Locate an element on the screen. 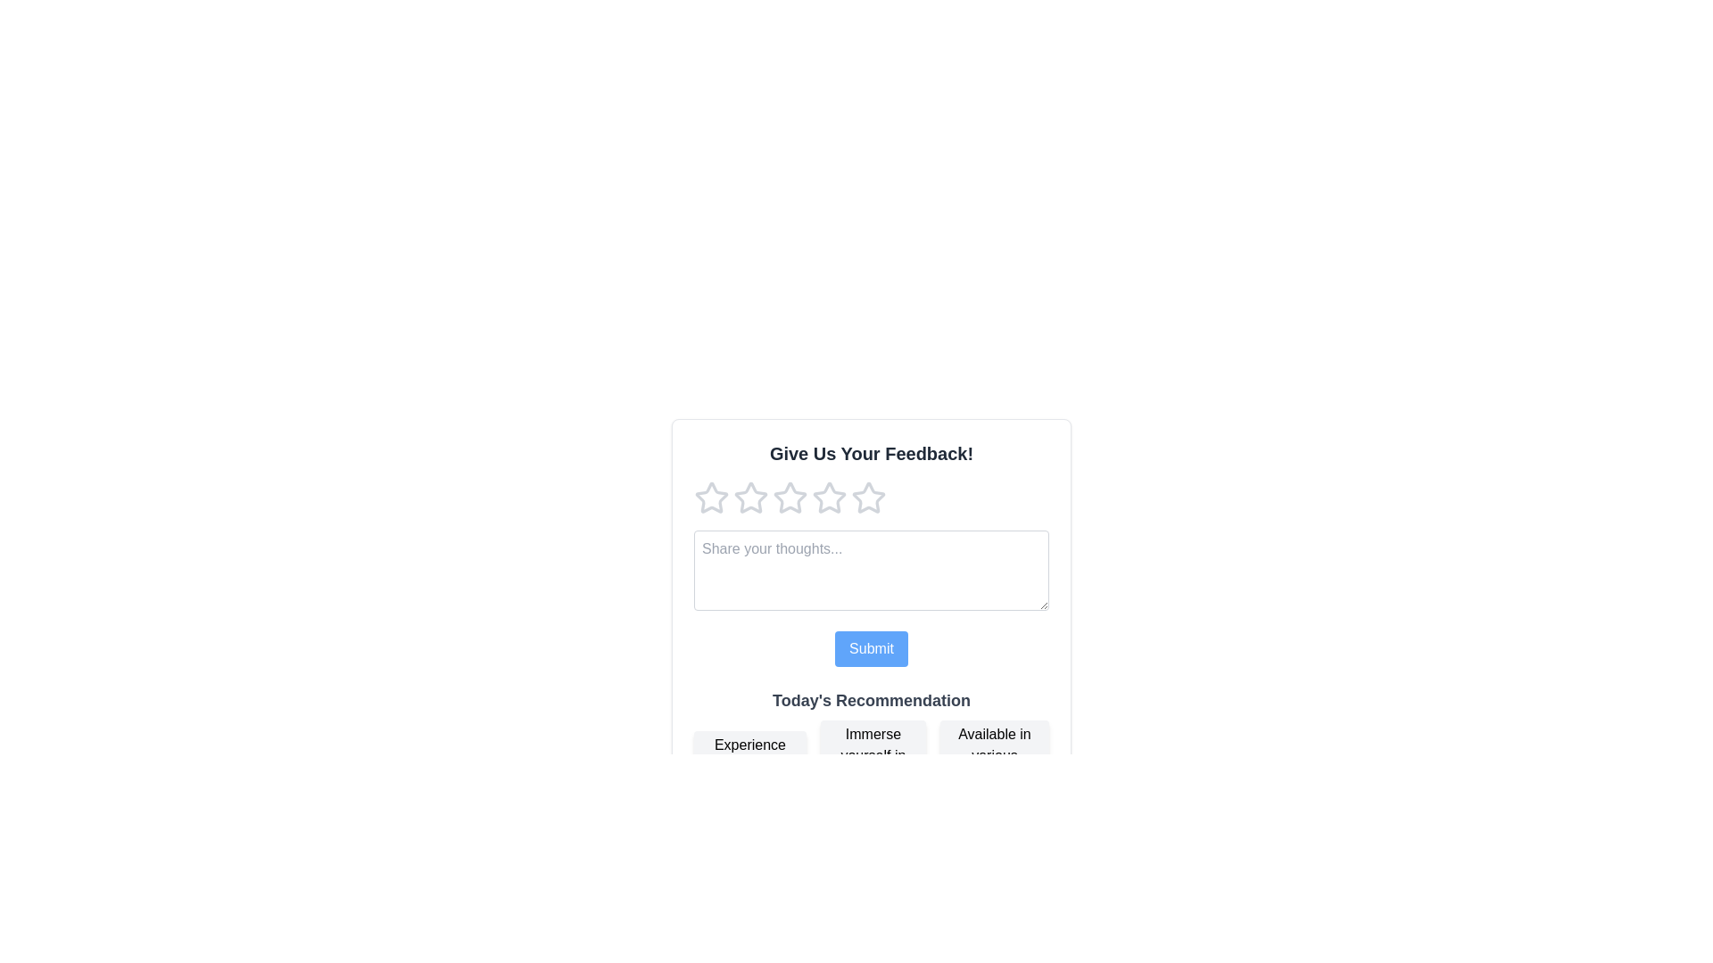 The height and width of the screenshot is (963, 1713). the fourth star icon in the feedback section is located at coordinates (872, 498).